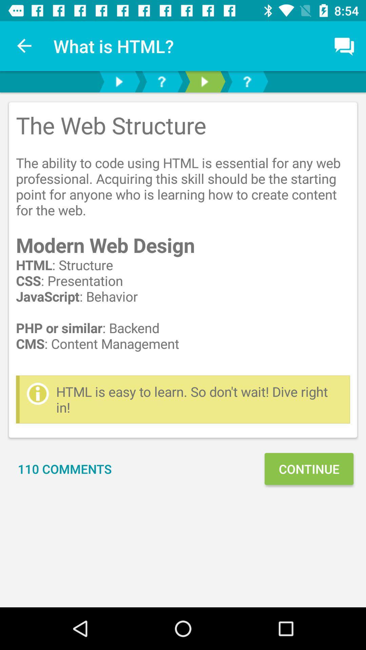 The height and width of the screenshot is (650, 366). What do you see at coordinates (38, 393) in the screenshot?
I see `the information icon` at bounding box center [38, 393].